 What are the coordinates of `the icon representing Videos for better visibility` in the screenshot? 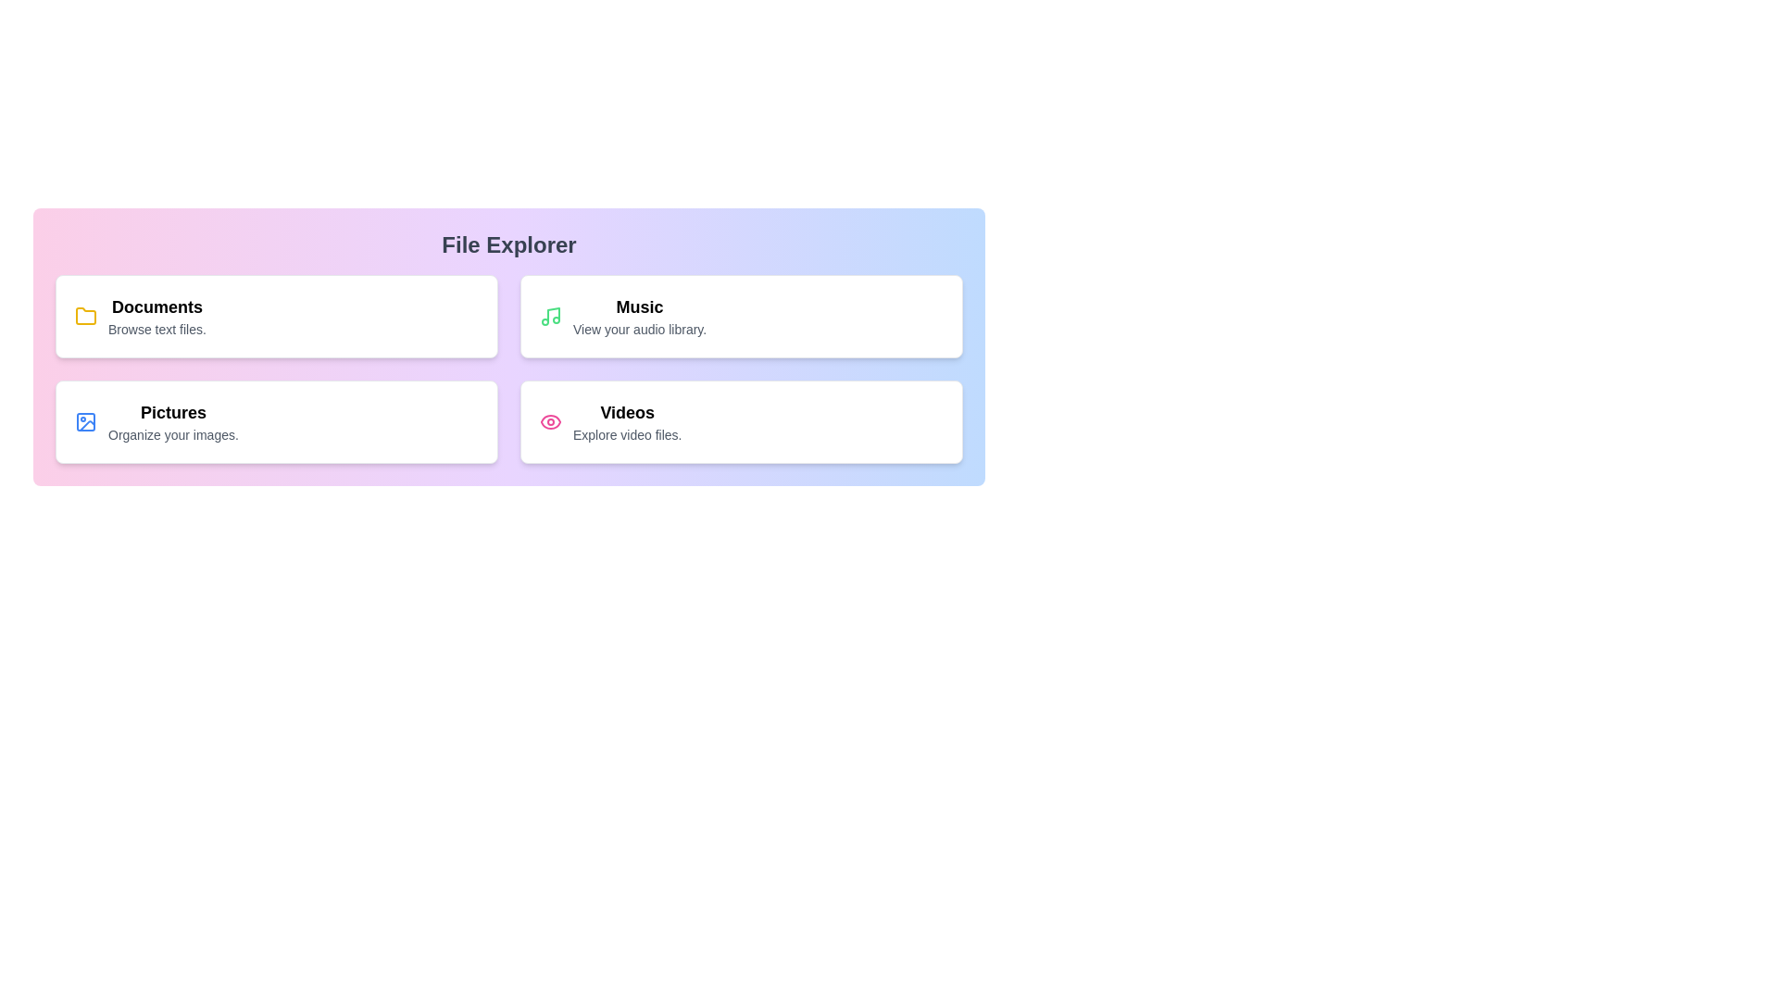 It's located at (550, 421).